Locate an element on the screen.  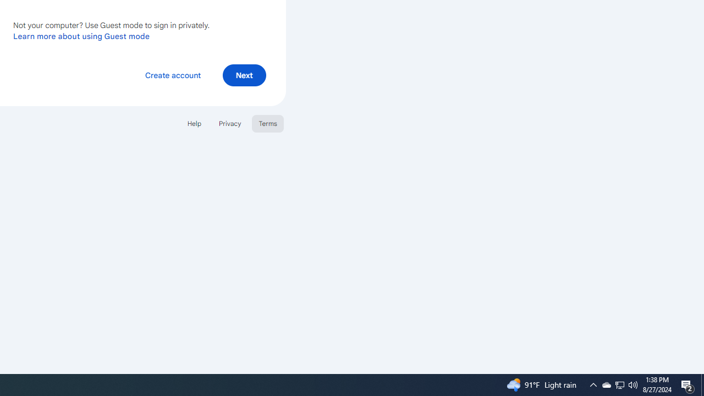
'Next' is located at coordinates (244, 74).